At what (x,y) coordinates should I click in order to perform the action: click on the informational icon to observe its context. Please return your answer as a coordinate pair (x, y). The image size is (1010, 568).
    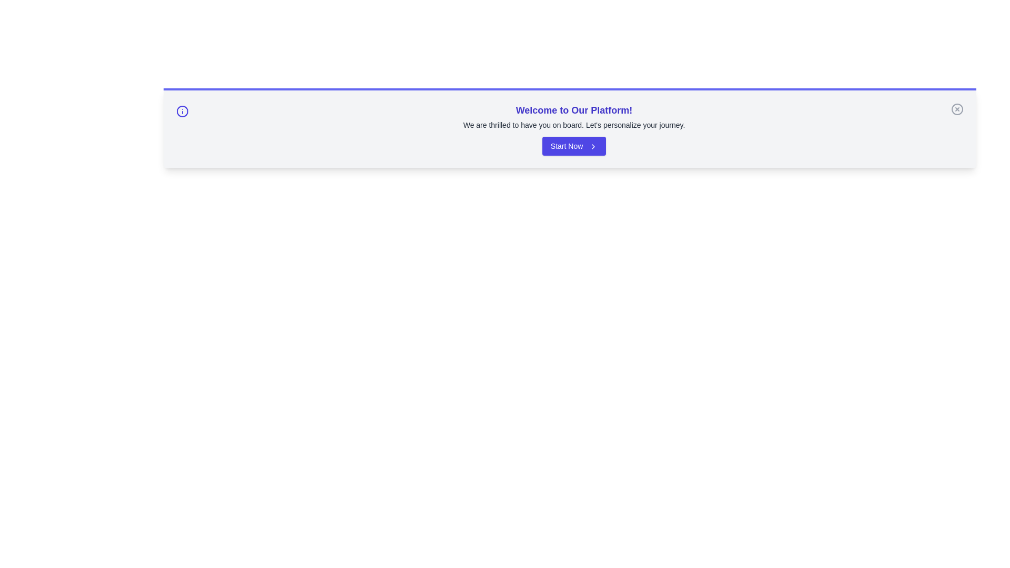
    Looking at the image, I should click on (182, 111).